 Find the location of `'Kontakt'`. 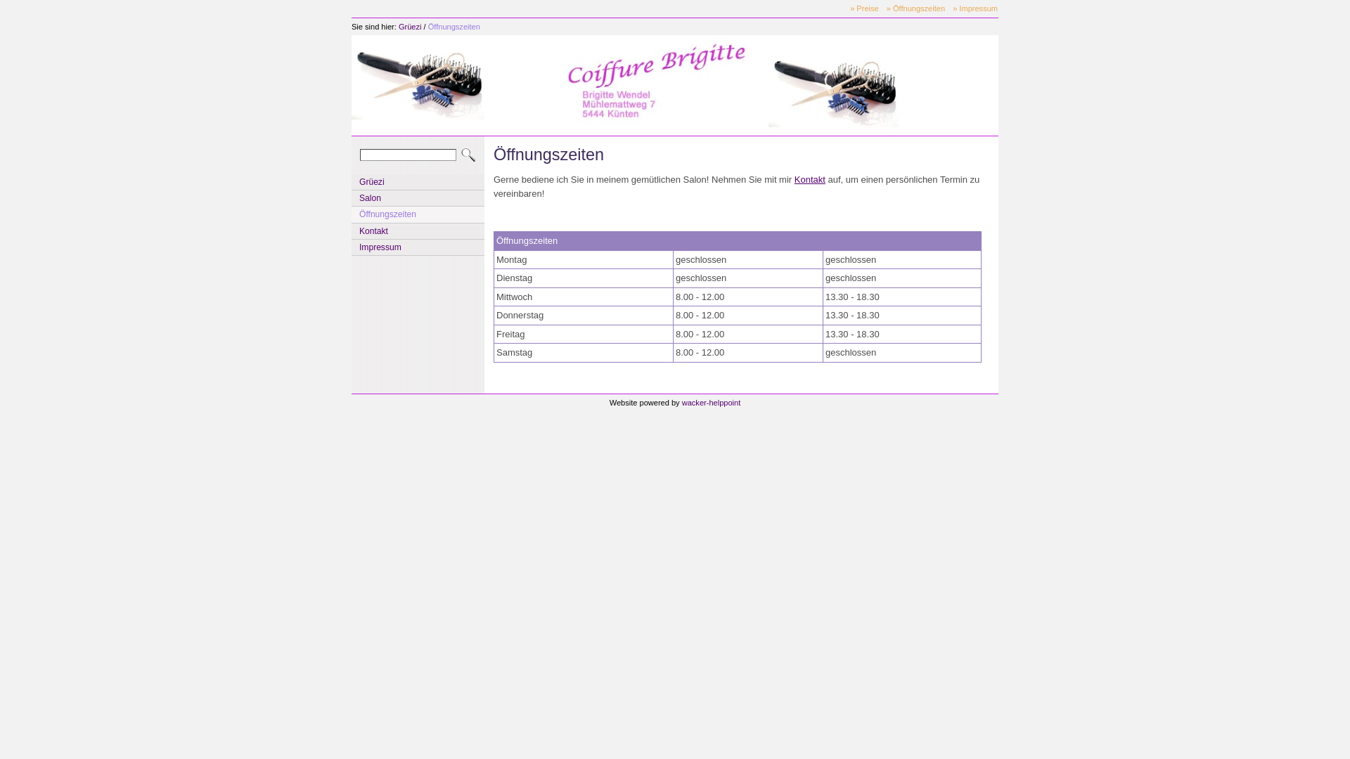

'Kontakt' is located at coordinates (810, 179).